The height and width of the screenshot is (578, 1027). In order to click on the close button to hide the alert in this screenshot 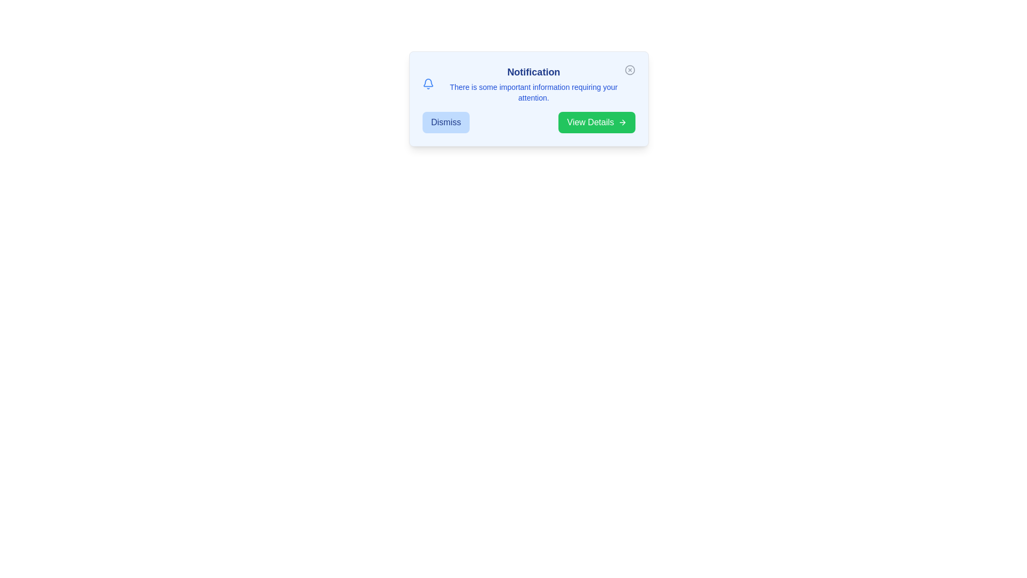, I will do `click(630, 70)`.